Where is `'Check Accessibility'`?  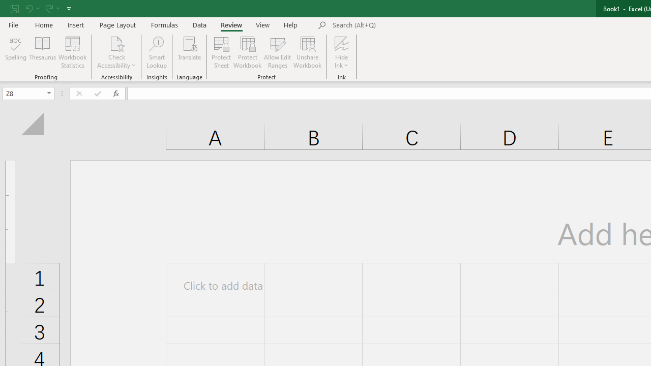 'Check Accessibility' is located at coordinates (116, 52).